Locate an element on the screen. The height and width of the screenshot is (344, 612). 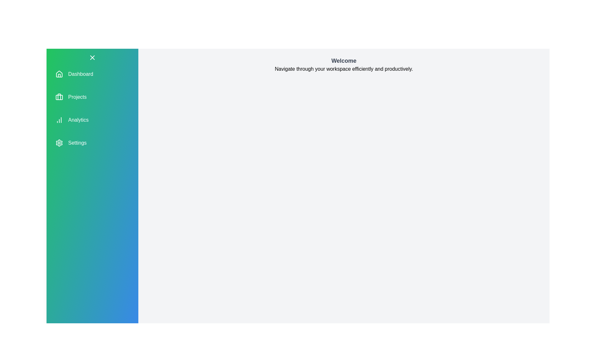
the welcome text area to interact with it is located at coordinates (344, 61).